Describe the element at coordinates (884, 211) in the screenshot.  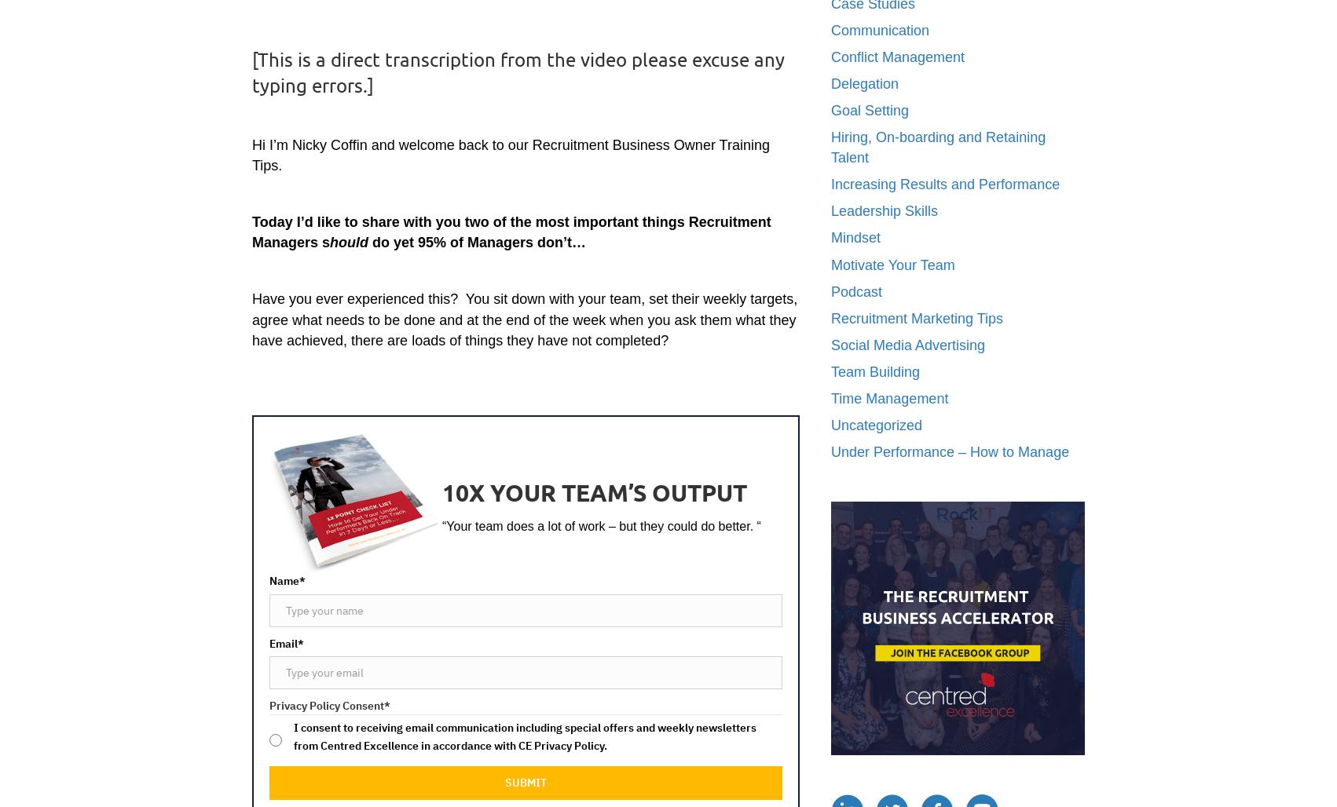
I see `'Leadership Skills'` at that location.